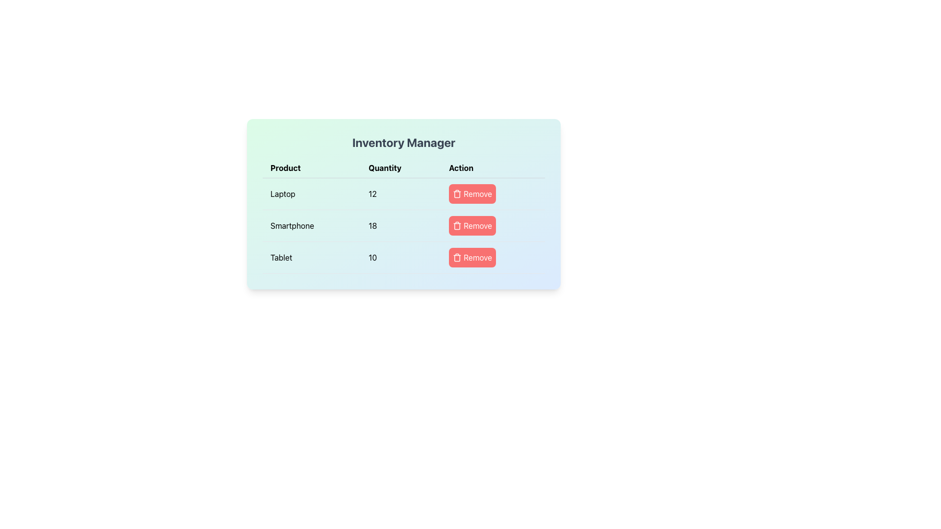 The image size is (941, 529). What do you see at coordinates (472, 226) in the screenshot?
I see `the second button in the 'Action' column that allows users to remove the 'Smartphone' item from the inventory list to change its background color` at bounding box center [472, 226].